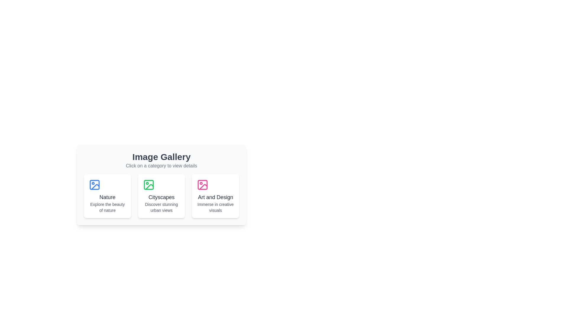  I want to click on the pink 40x40 icon displaying an image frame with a mountain-like graphic located in the 'Art and Design' card, so click(203, 185).